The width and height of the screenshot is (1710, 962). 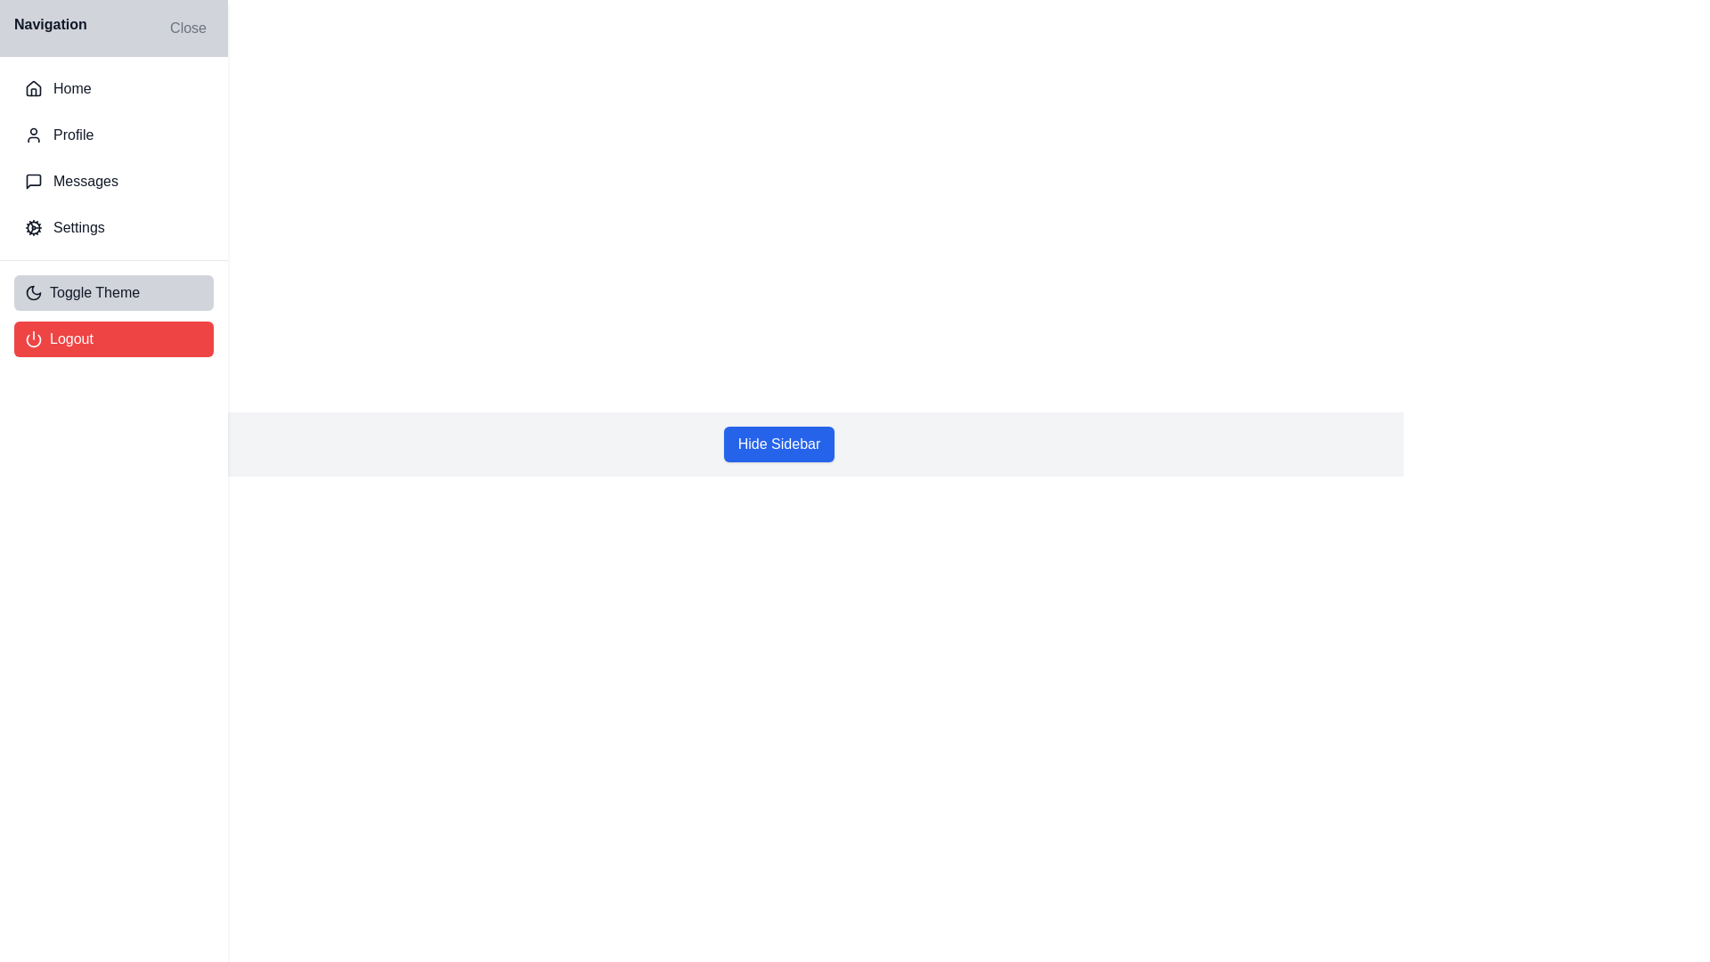 What do you see at coordinates (34, 291) in the screenshot?
I see `the moon-shaped icon with a stroke outline located to the left of the 'Toggle Theme' text` at bounding box center [34, 291].